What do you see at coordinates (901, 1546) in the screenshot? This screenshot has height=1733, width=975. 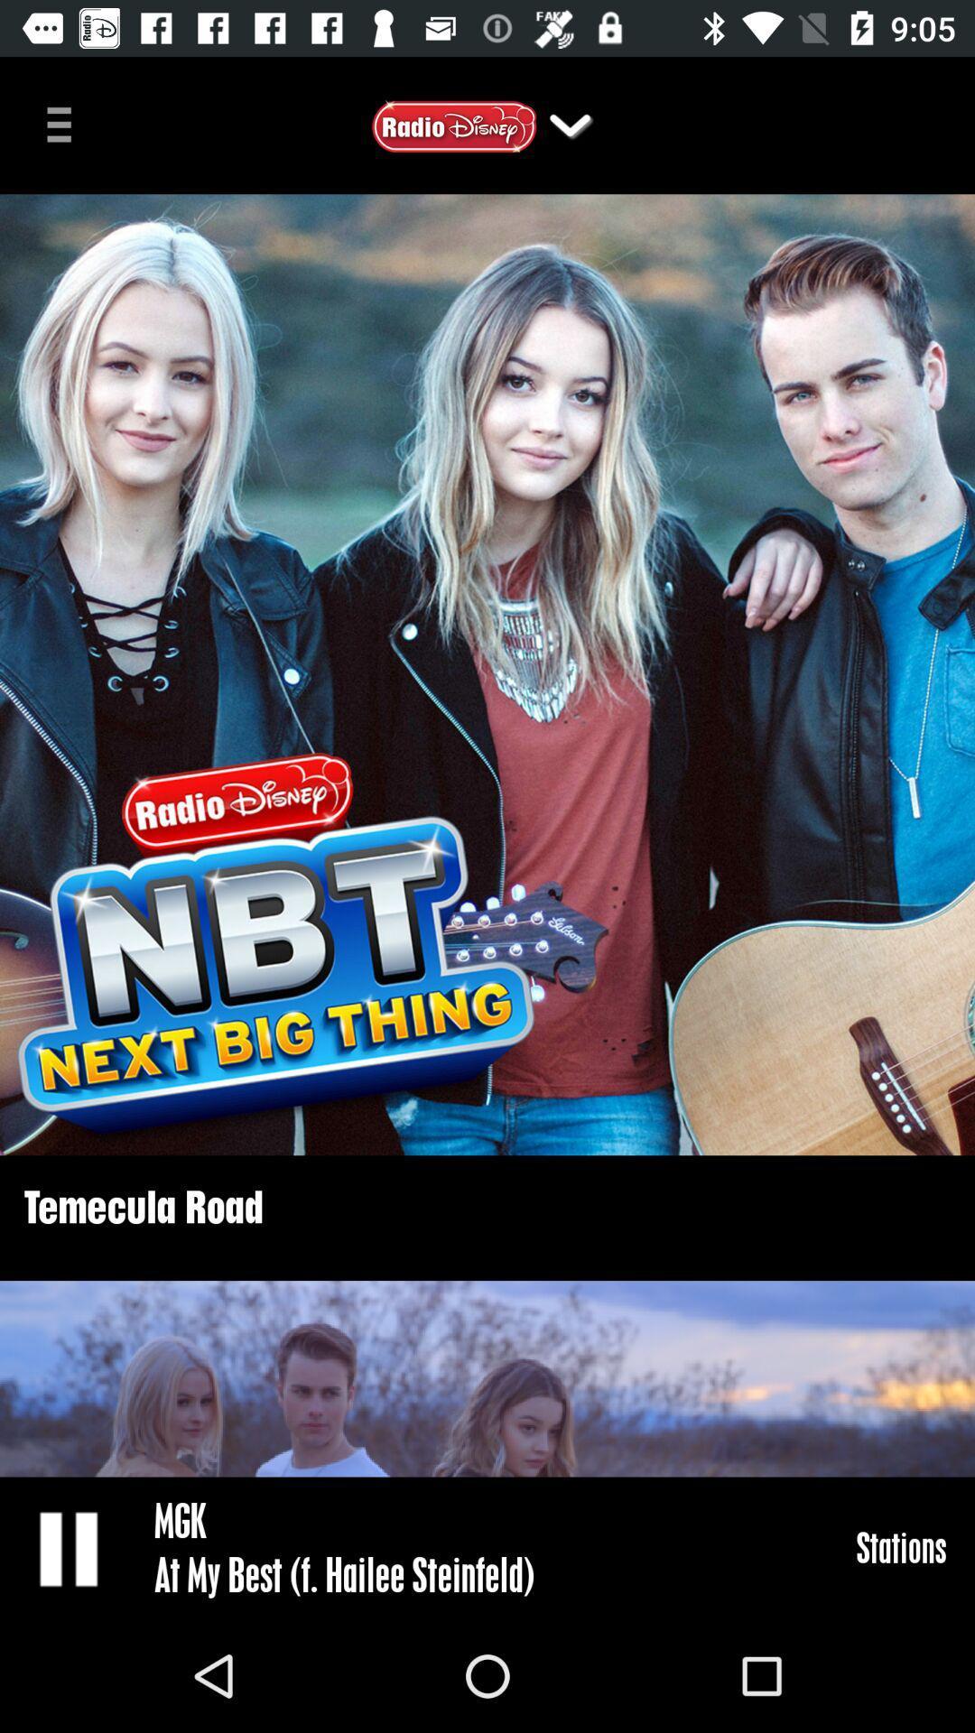 I see `stations item` at bounding box center [901, 1546].